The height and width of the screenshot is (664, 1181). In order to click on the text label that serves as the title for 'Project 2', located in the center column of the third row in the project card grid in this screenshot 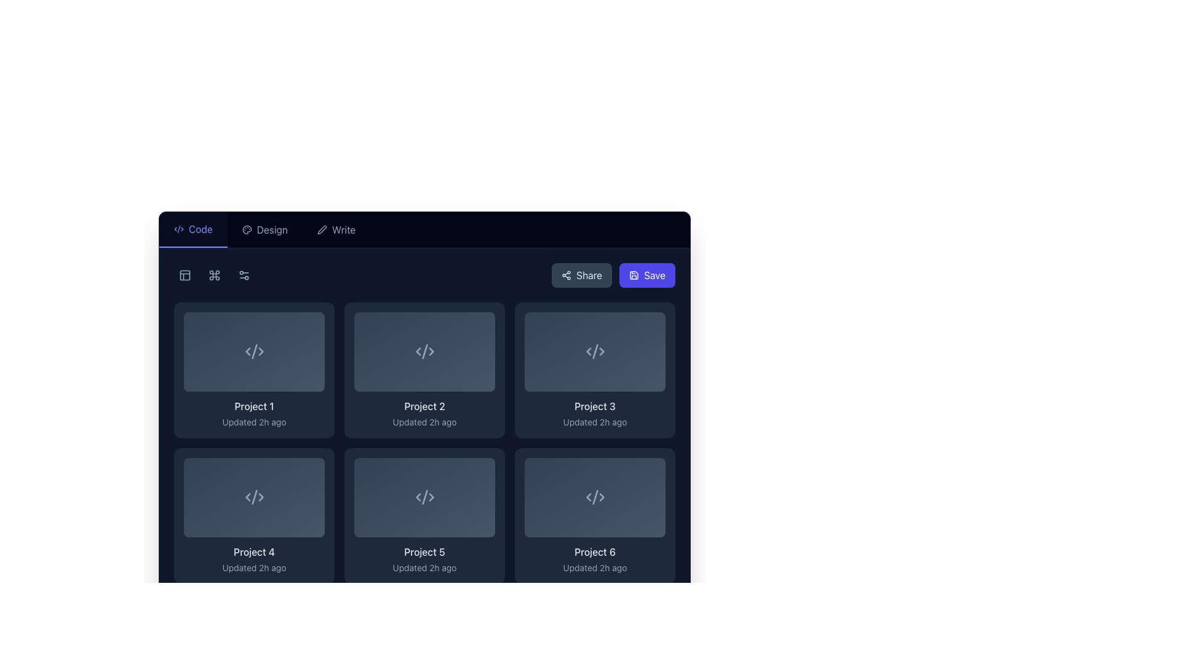, I will do `click(424, 406)`.